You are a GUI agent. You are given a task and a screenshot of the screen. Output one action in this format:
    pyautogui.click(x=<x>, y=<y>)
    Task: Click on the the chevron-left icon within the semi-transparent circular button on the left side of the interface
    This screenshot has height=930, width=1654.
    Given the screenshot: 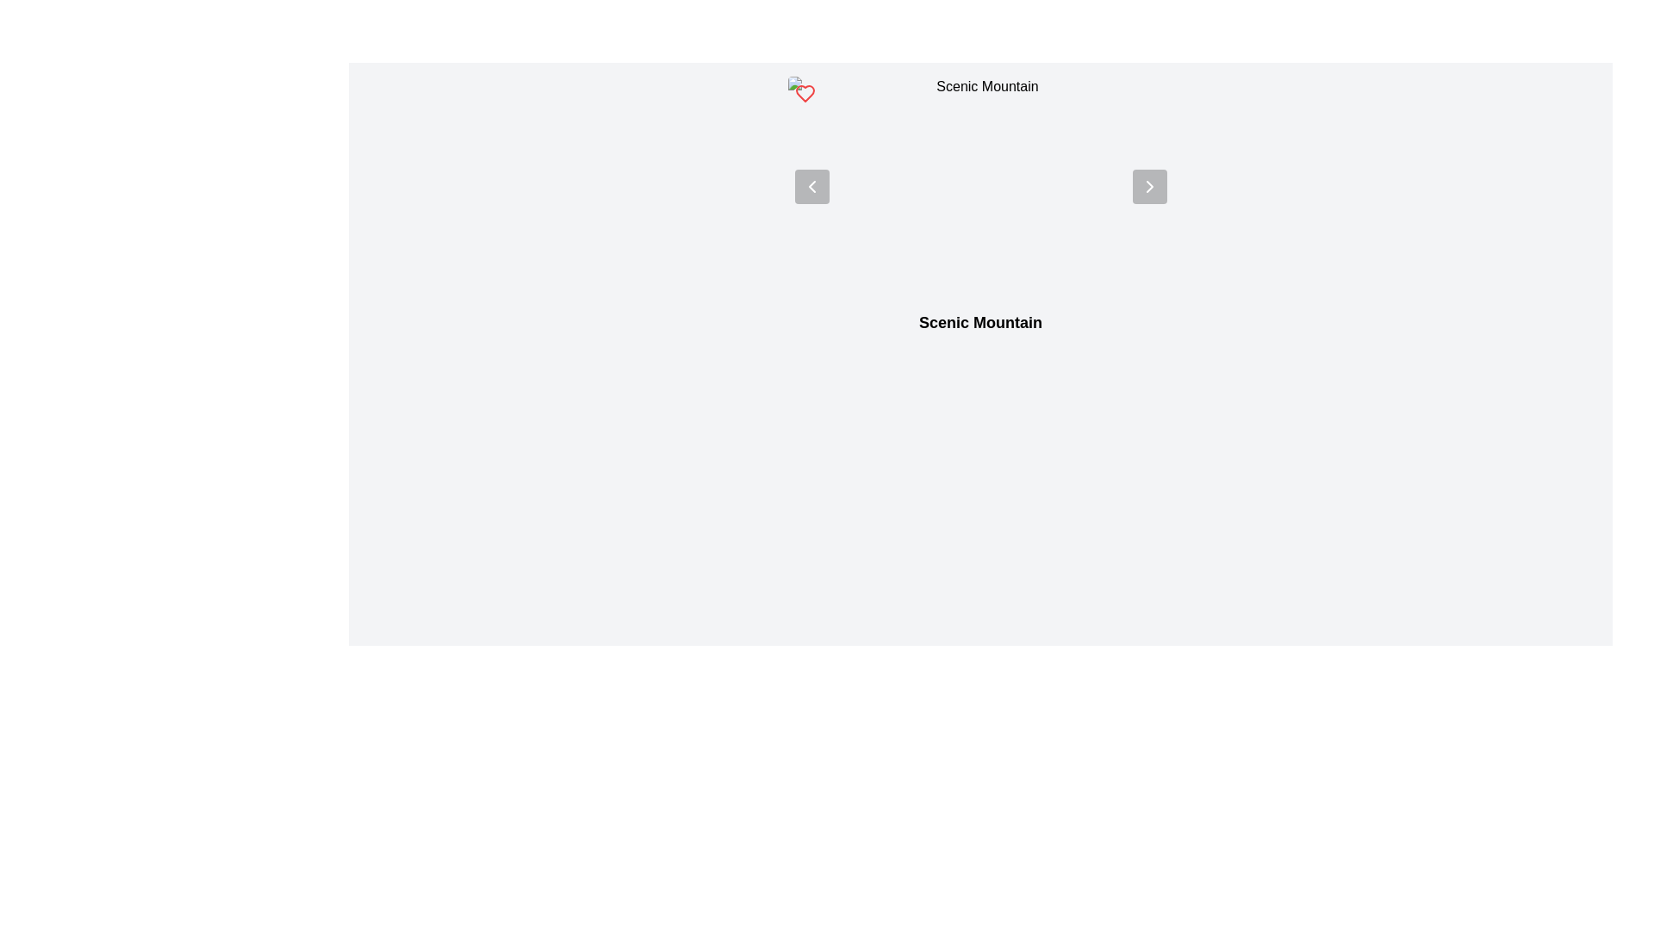 What is the action you would take?
    pyautogui.click(x=811, y=186)
    